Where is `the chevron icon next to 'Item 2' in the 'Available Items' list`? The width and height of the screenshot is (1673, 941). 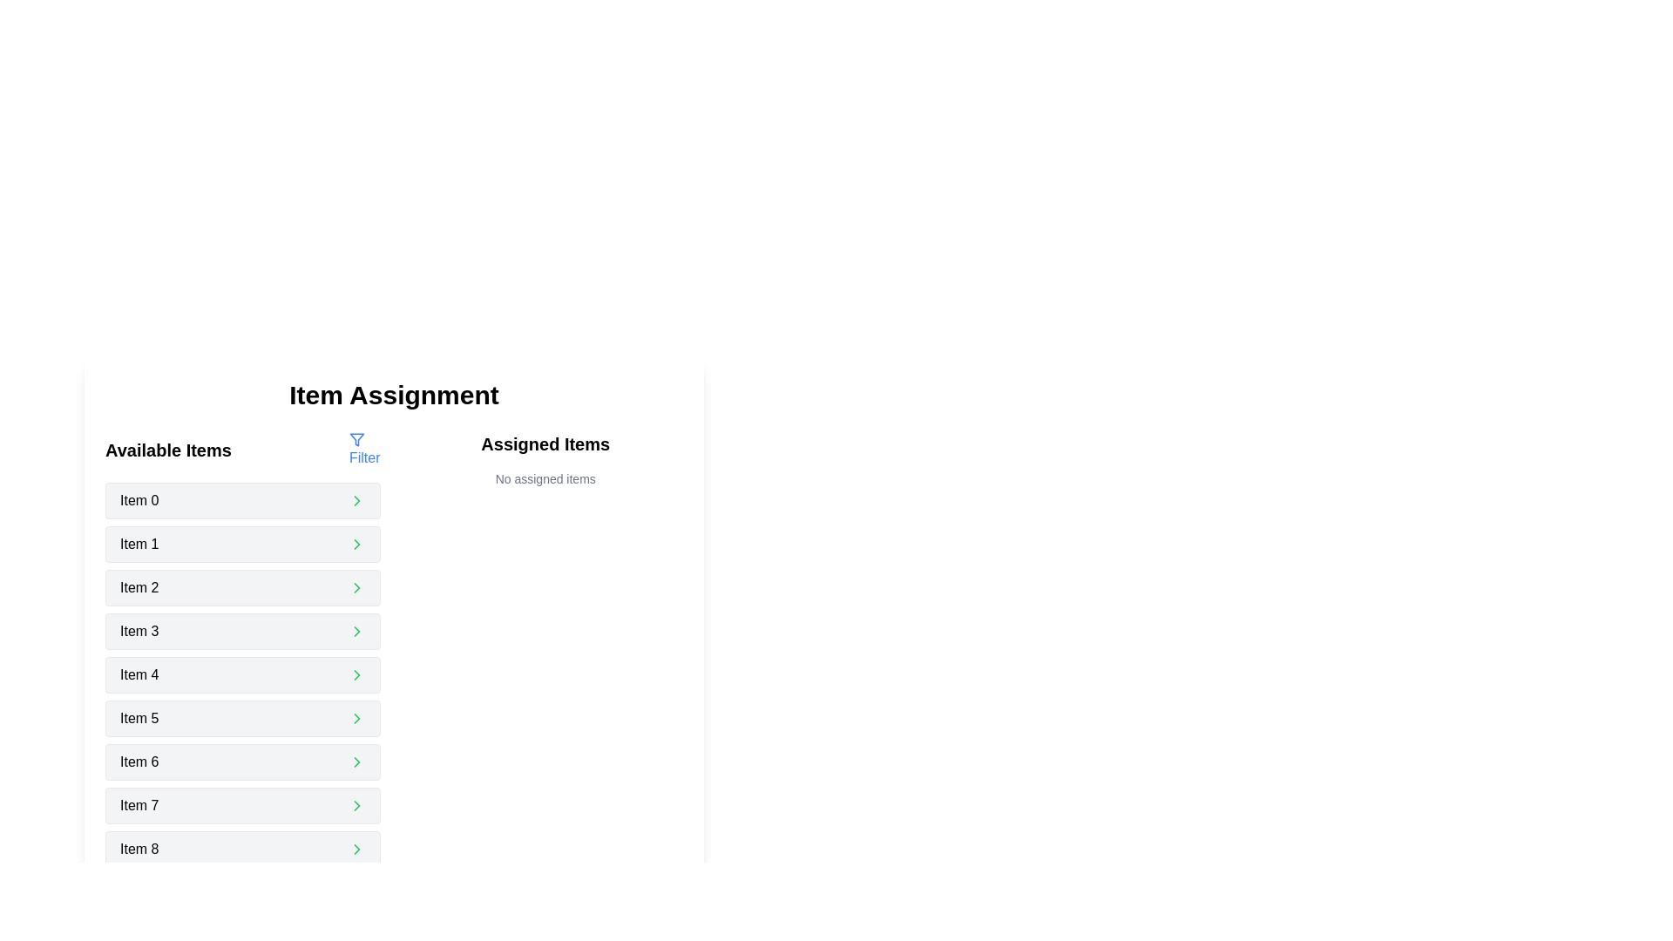
the chevron icon next to 'Item 2' in the 'Available Items' list is located at coordinates (356, 588).